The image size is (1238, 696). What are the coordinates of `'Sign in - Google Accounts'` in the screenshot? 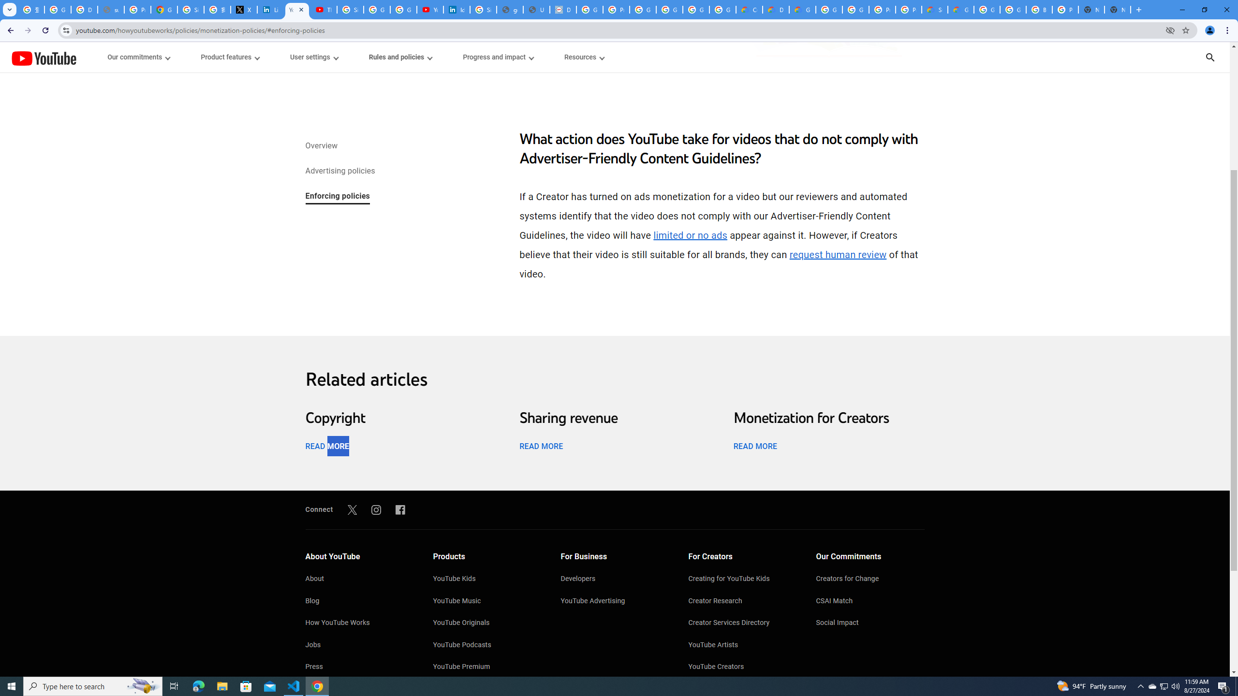 It's located at (191, 9).